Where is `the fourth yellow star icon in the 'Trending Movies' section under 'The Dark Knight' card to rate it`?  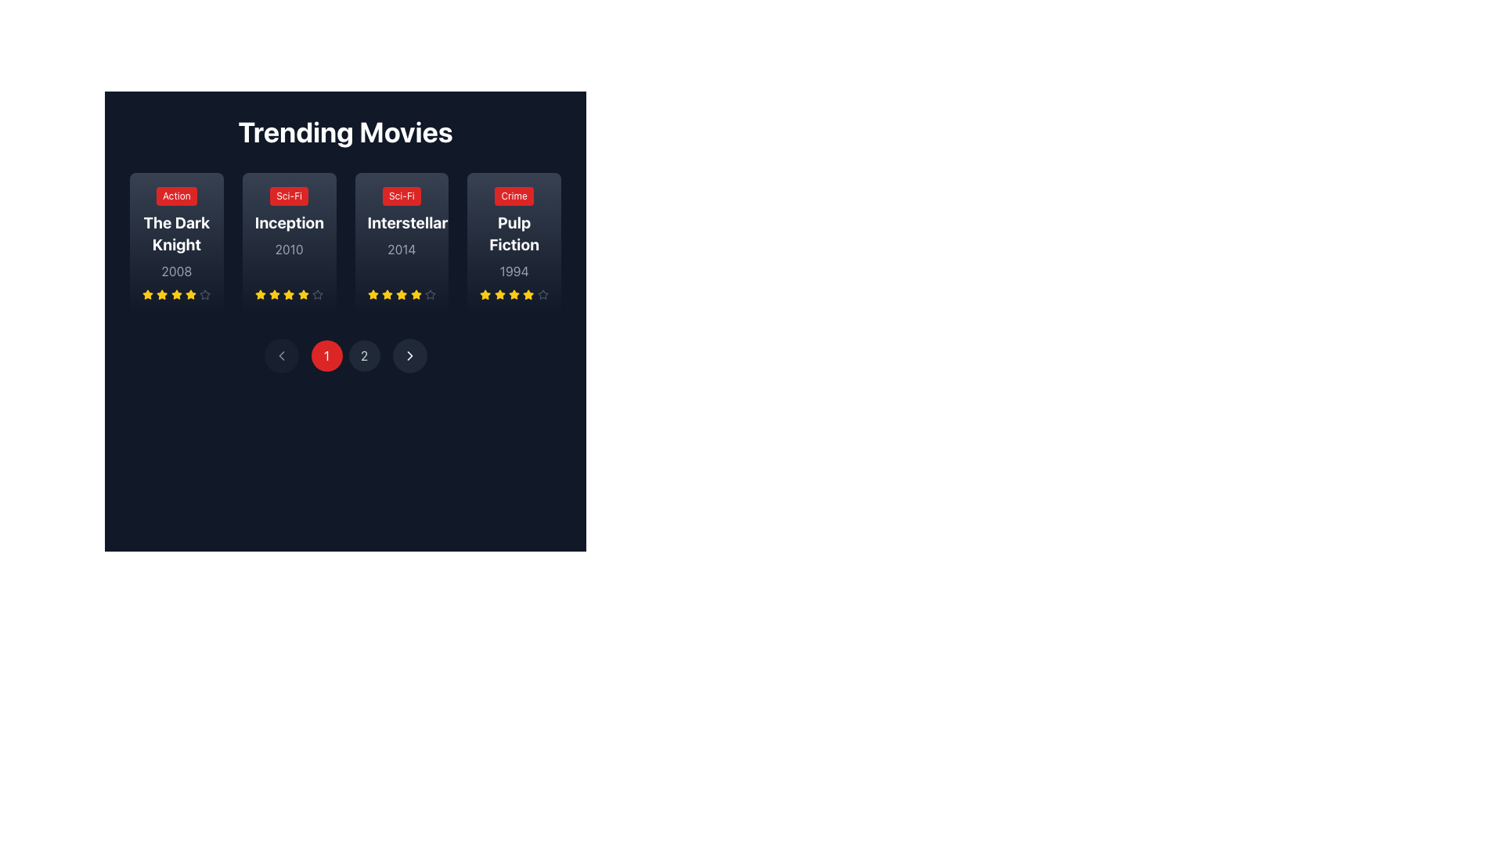 the fourth yellow star icon in the 'Trending Movies' section under 'The Dark Knight' card to rate it is located at coordinates (190, 294).